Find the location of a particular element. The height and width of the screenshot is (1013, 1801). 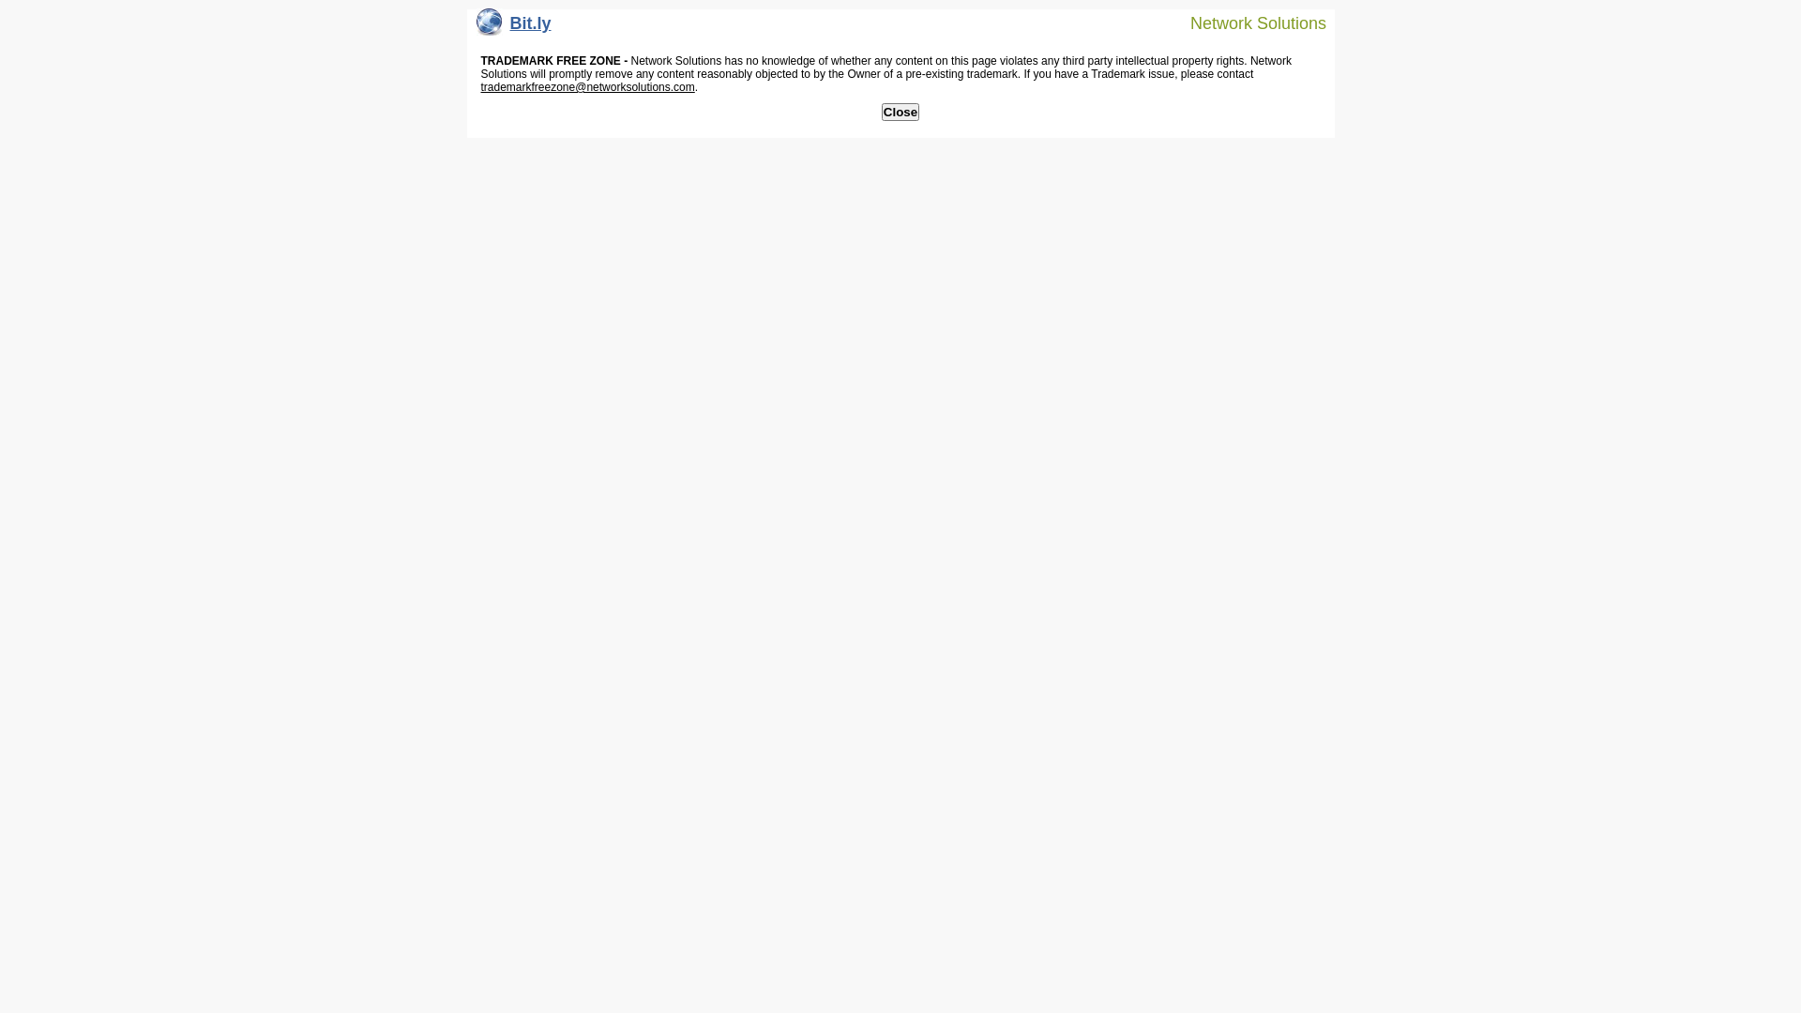

'Close' is located at coordinates (900, 112).